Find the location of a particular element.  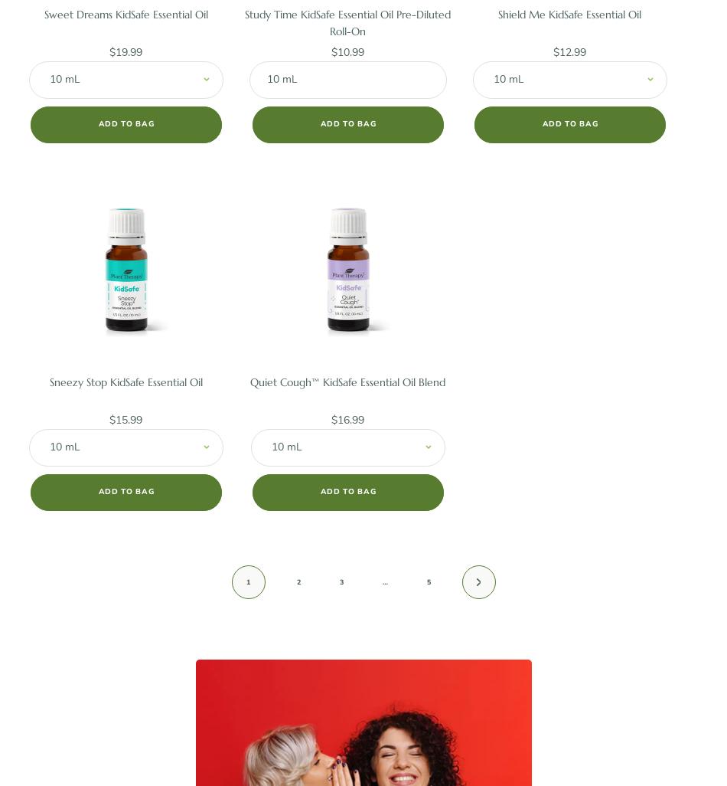

'10 mL
$19.99' is located at coordinates (126, 110).